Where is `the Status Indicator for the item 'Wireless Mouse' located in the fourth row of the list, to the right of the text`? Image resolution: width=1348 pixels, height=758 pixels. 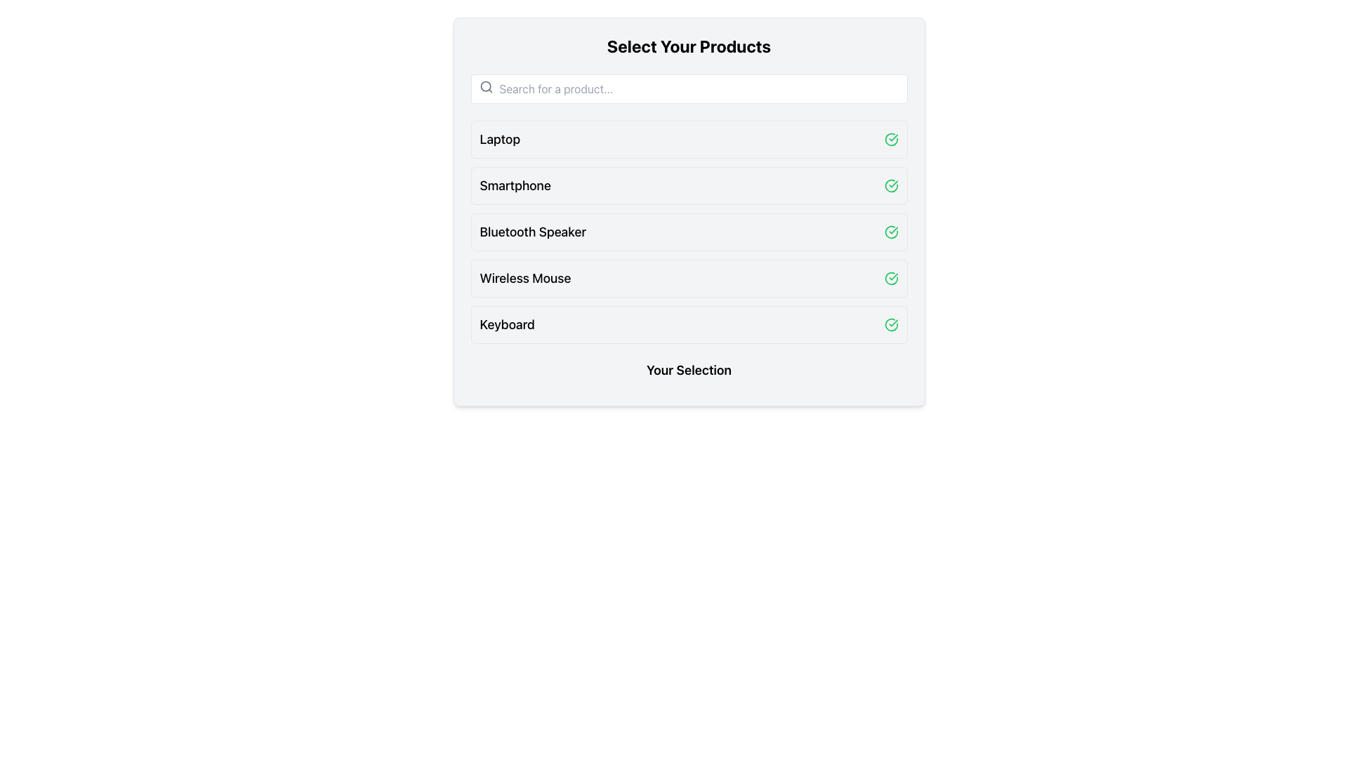
the Status Indicator for the item 'Wireless Mouse' located in the fourth row of the list, to the right of the text is located at coordinates (890, 279).